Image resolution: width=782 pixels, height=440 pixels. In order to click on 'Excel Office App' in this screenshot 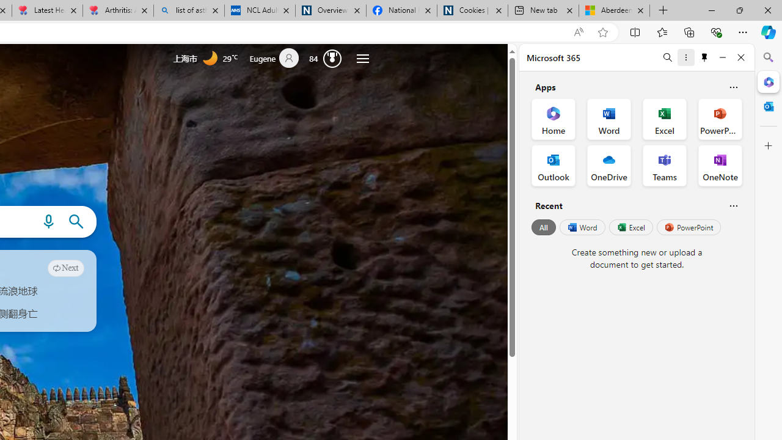, I will do `click(664, 119)`.